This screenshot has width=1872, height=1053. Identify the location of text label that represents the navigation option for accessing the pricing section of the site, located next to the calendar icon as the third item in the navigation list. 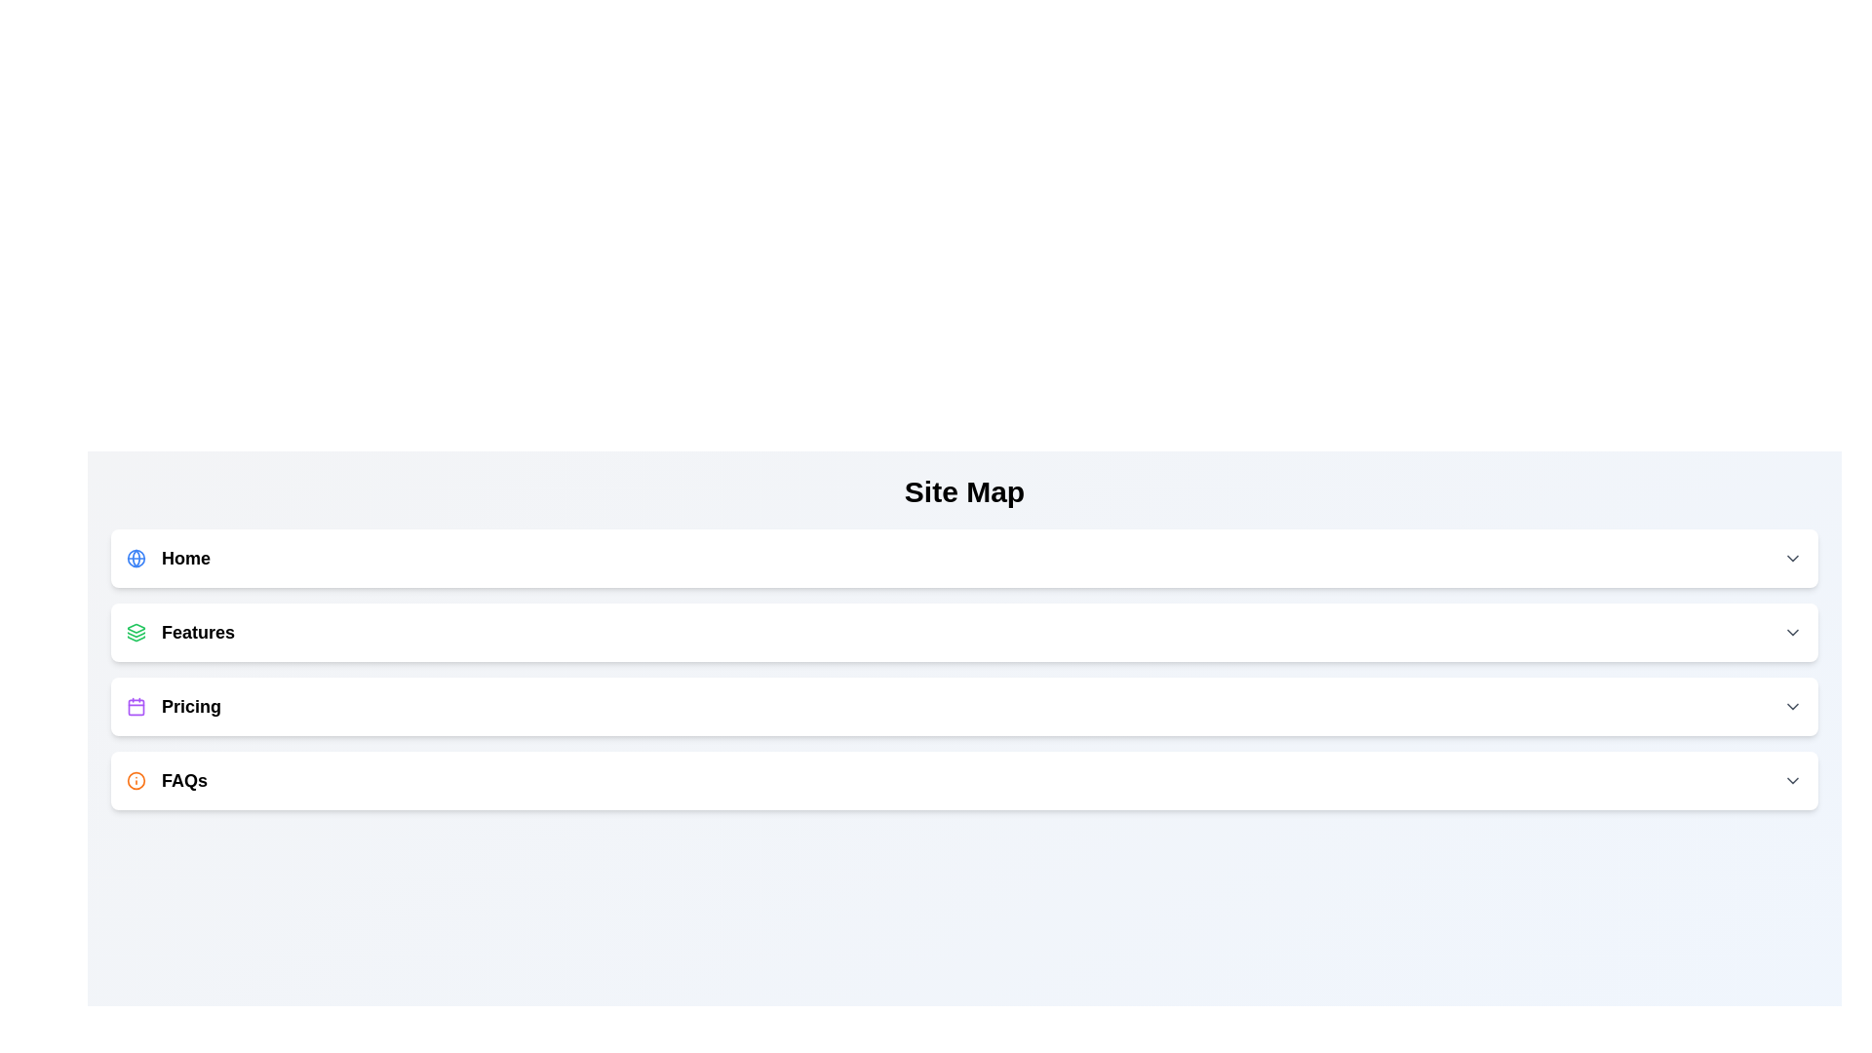
(191, 707).